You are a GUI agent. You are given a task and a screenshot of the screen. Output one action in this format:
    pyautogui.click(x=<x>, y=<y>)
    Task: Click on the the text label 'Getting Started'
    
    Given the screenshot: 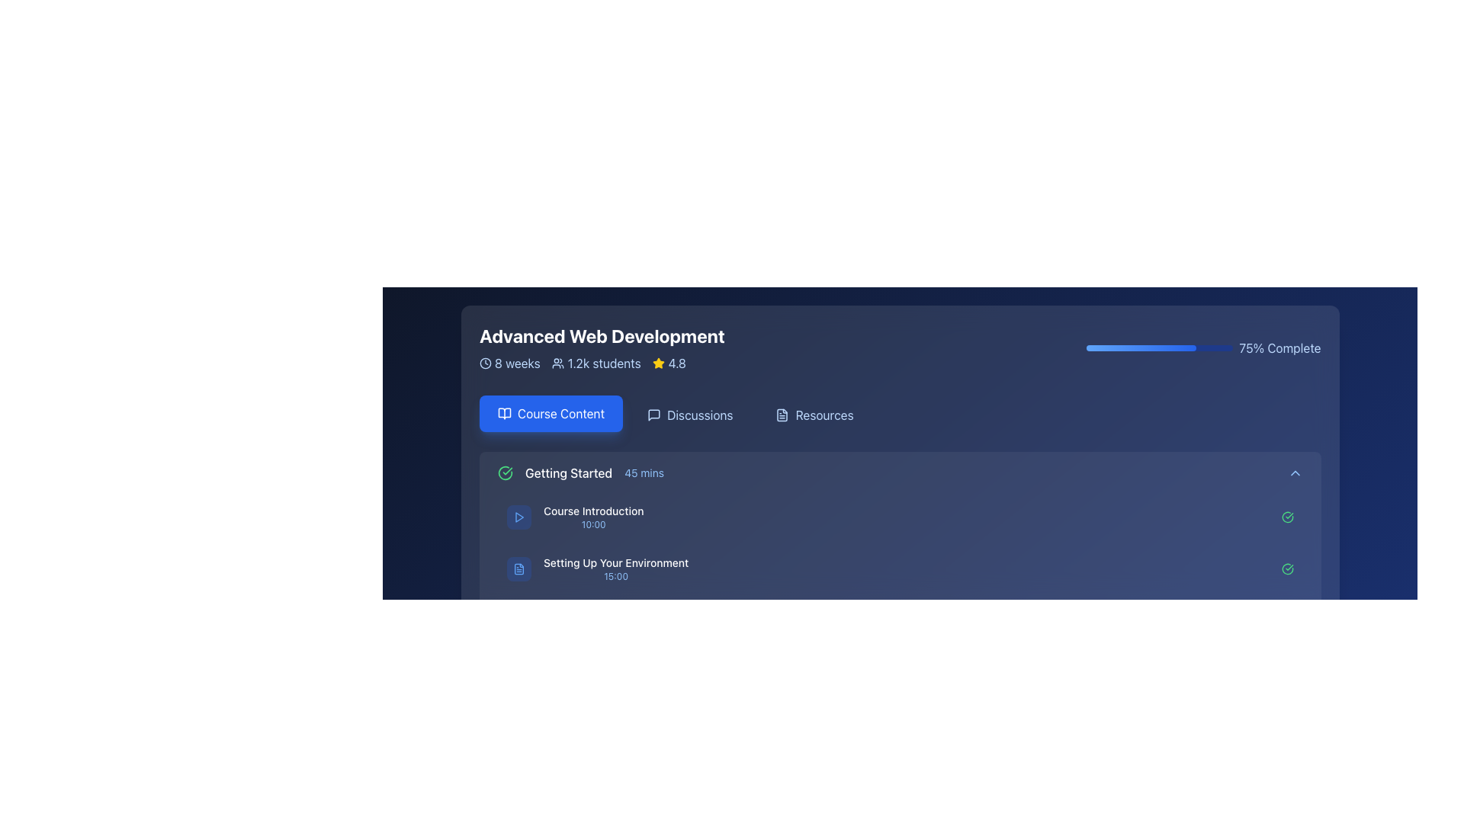 What is the action you would take?
    pyautogui.click(x=567, y=472)
    